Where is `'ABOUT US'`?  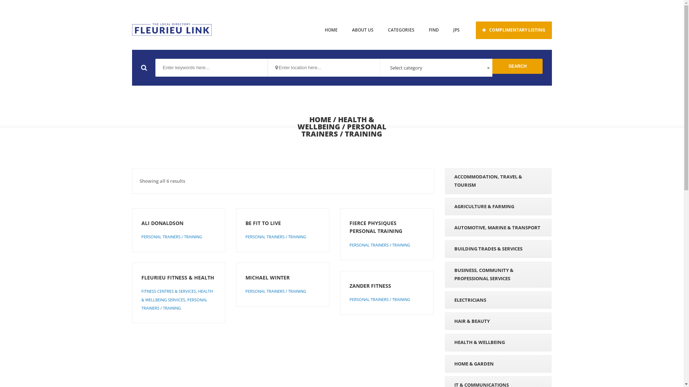
'ABOUT US' is located at coordinates (362, 30).